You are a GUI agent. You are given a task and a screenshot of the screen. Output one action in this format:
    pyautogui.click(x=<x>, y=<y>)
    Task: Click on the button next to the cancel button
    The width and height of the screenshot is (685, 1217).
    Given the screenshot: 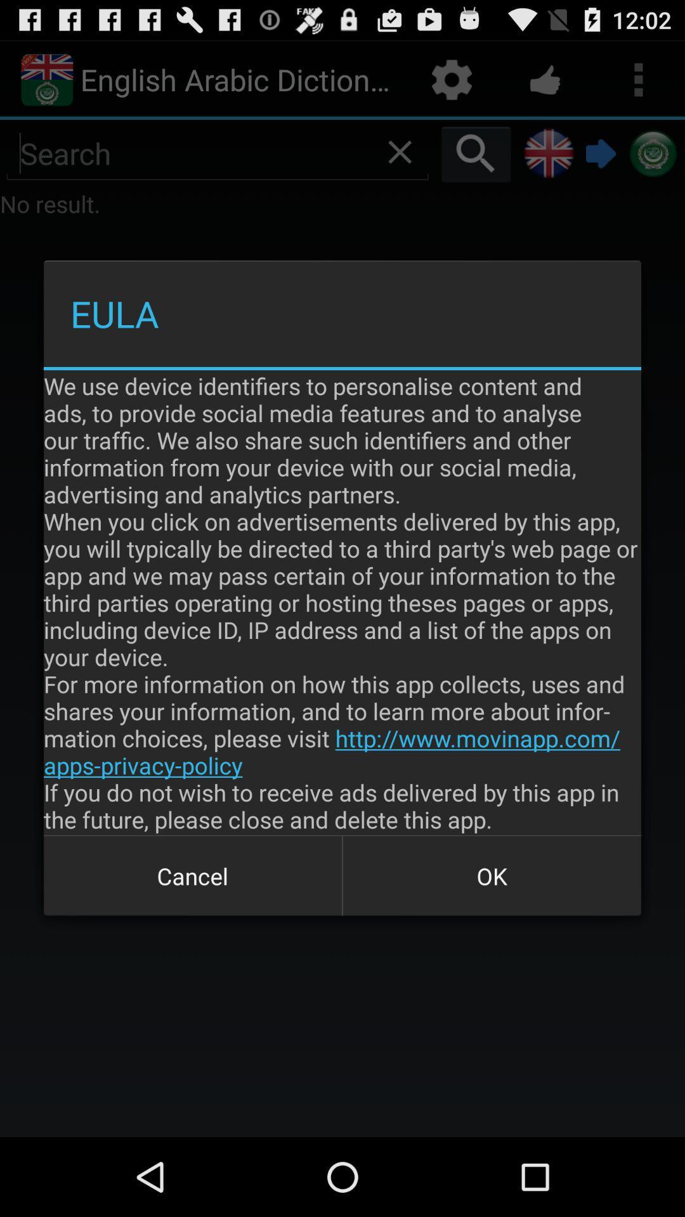 What is the action you would take?
    pyautogui.click(x=491, y=875)
    